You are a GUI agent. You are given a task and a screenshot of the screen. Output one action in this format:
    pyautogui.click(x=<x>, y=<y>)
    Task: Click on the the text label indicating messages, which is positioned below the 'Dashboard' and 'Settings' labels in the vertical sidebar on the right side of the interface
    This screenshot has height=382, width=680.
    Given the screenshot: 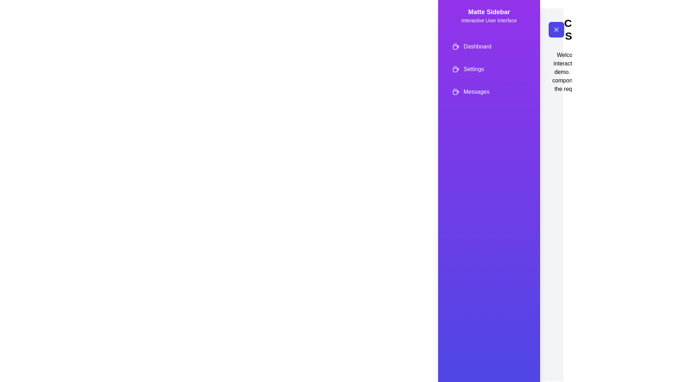 What is the action you would take?
    pyautogui.click(x=476, y=91)
    